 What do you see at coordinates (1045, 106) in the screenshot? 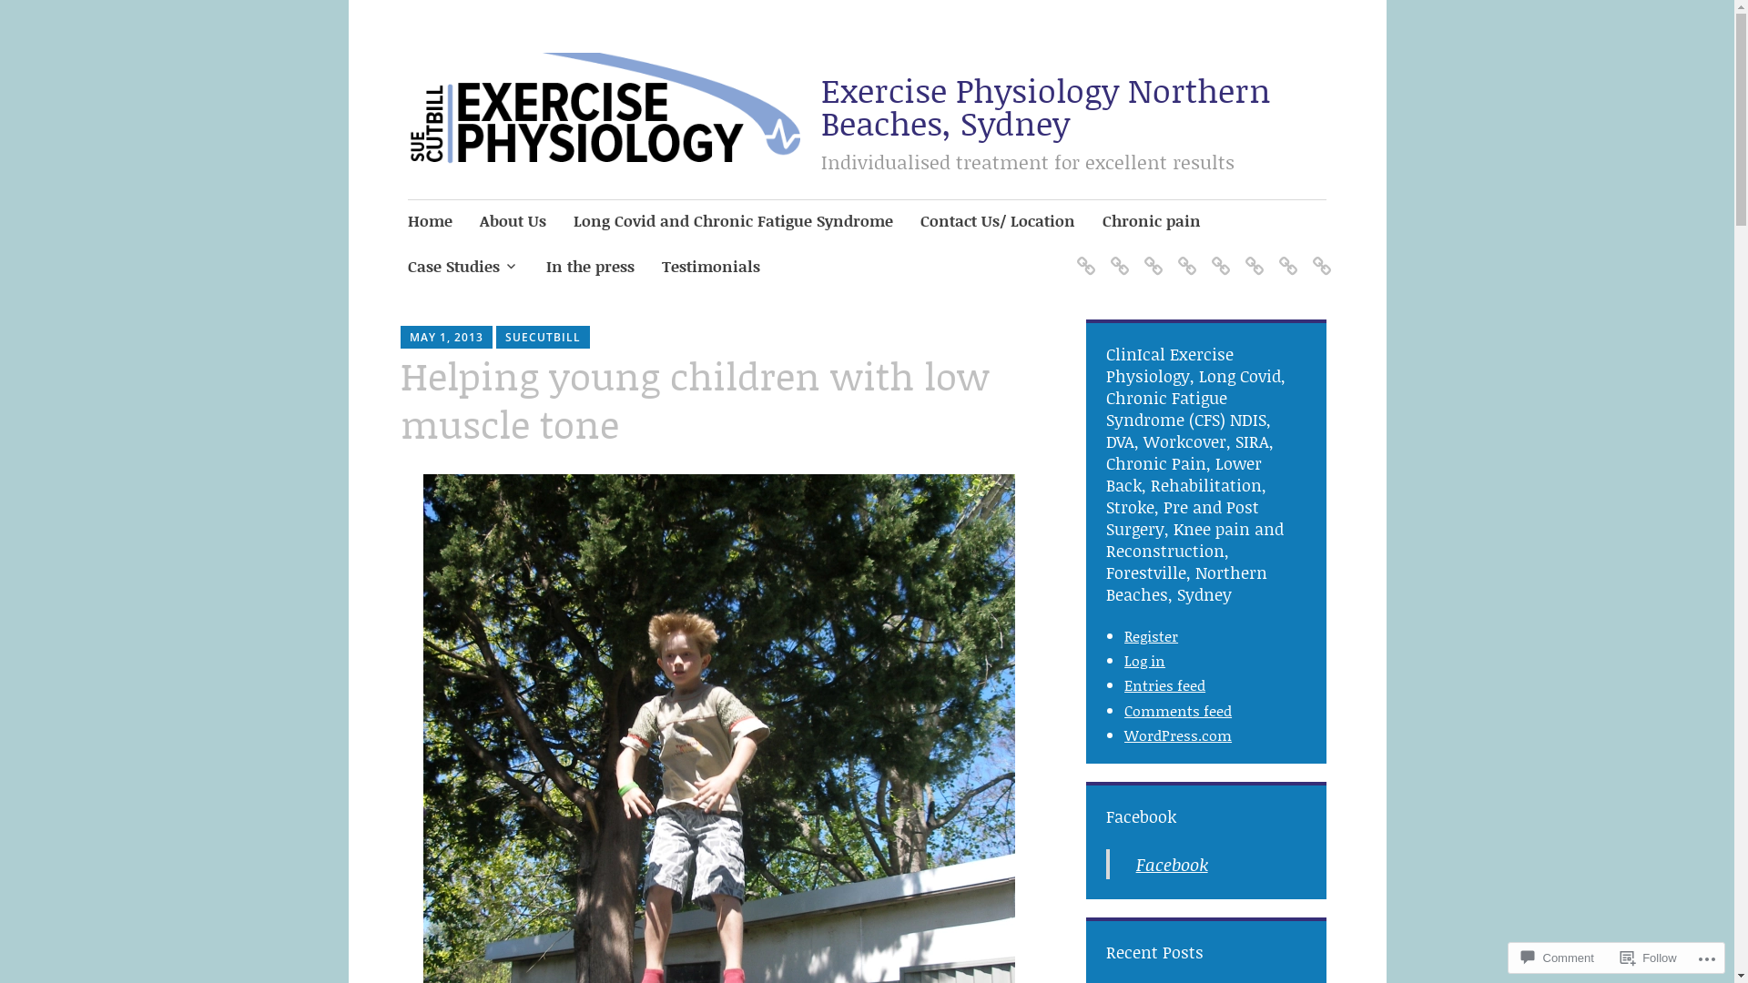
I see `'Exercise Physiology Northern Beaches, Sydney'` at bounding box center [1045, 106].